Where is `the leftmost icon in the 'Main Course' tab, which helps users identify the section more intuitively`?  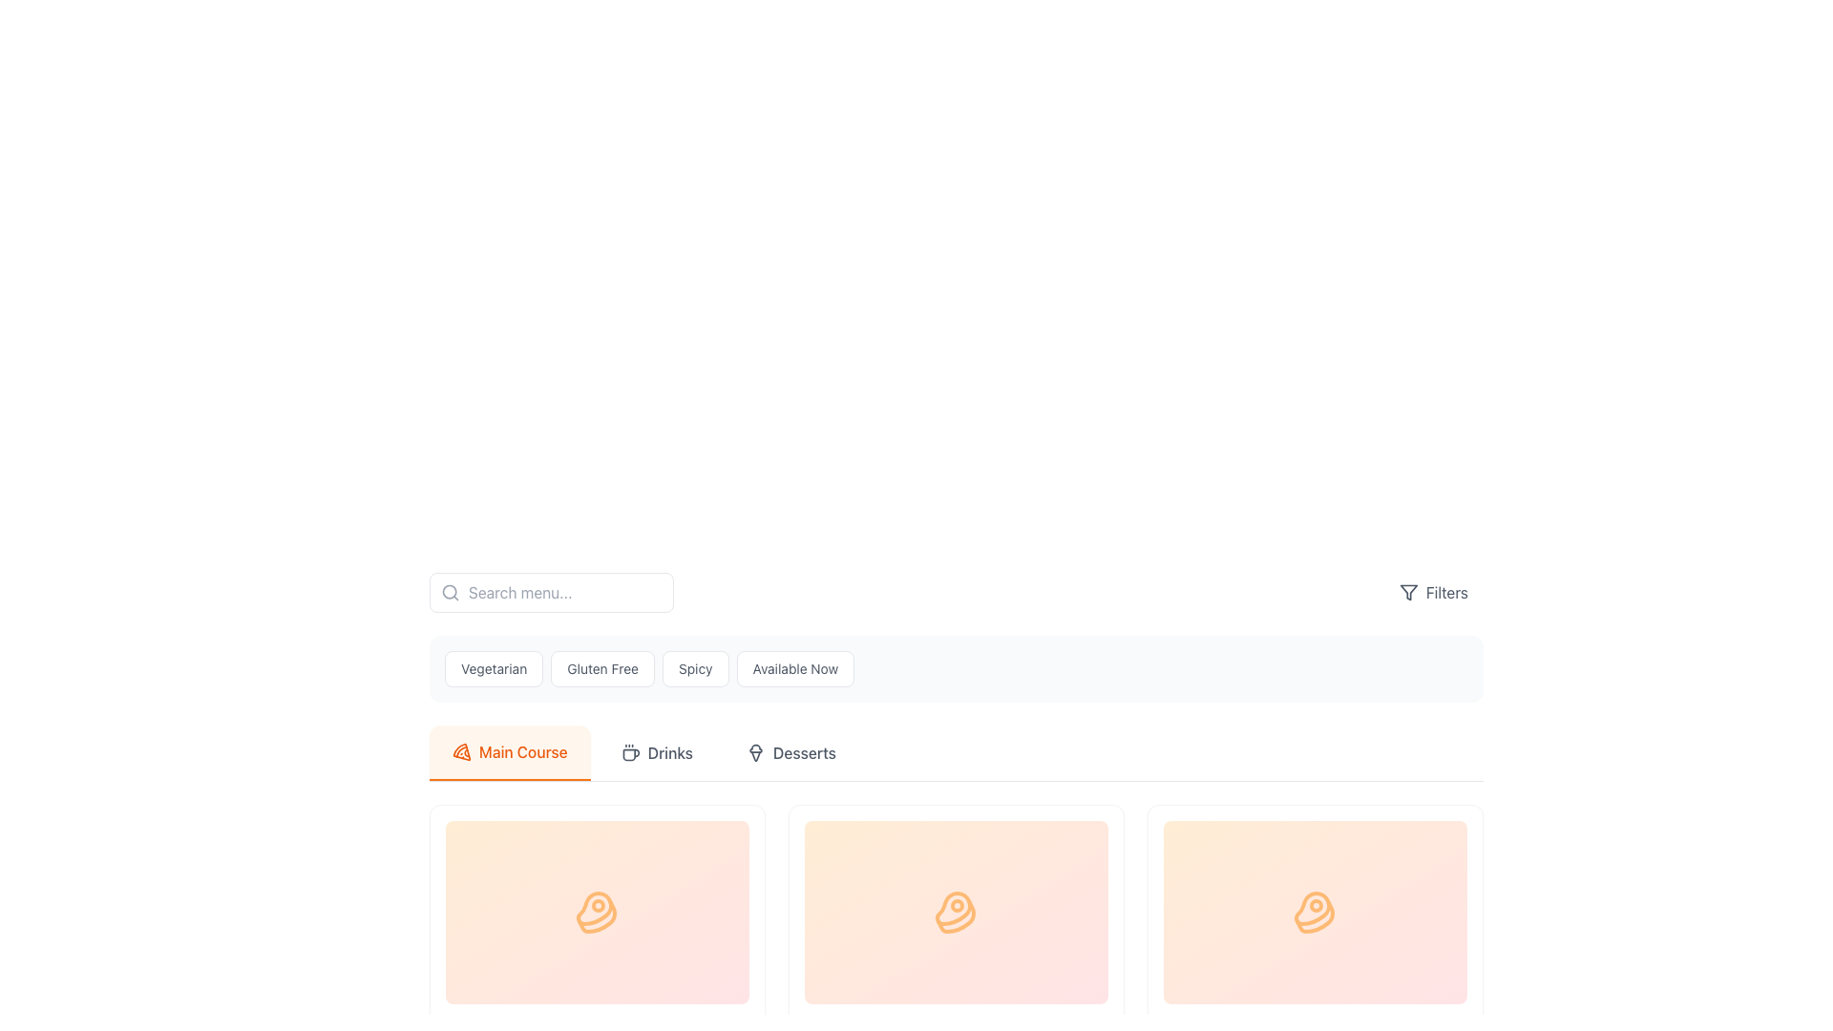
the leftmost icon in the 'Main Course' tab, which helps users identify the section more intuitively is located at coordinates (462, 750).